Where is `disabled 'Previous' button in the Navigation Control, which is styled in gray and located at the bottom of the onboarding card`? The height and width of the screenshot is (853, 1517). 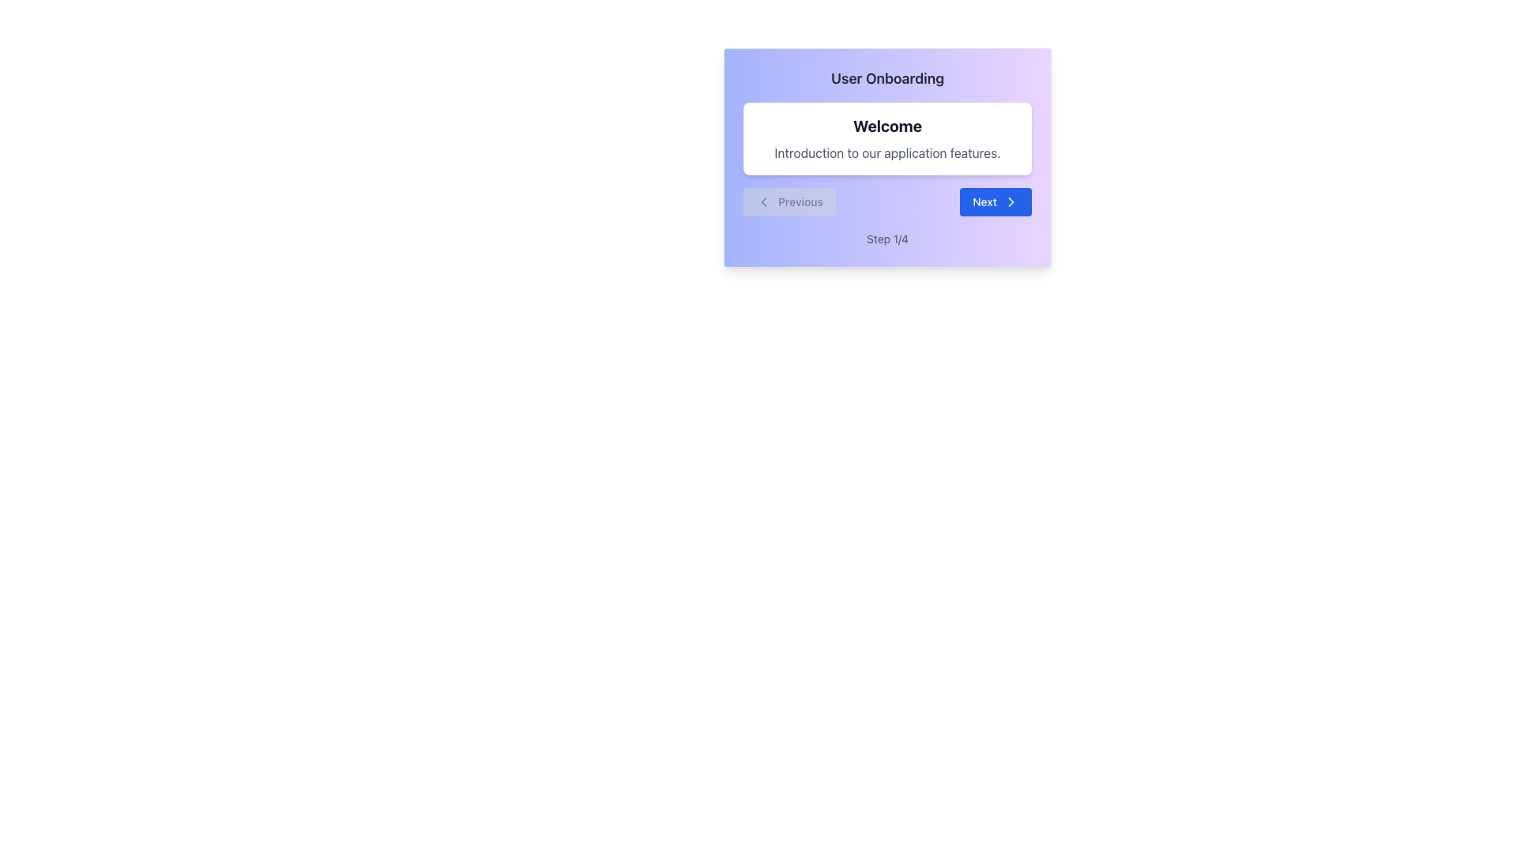 disabled 'Previous' button in the Navigation Control, which is styled in gray and located at the bottom of the onboarding card is located at coordinates (887, 201).